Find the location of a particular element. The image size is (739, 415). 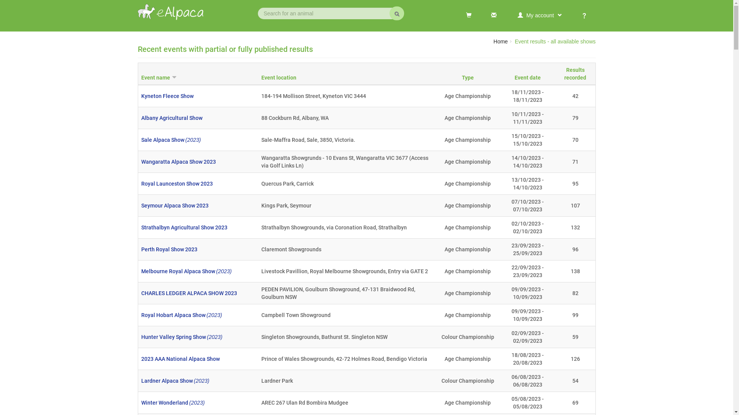

'Seymour Alpaca Show 2023' is located at coordinates (174, 205).